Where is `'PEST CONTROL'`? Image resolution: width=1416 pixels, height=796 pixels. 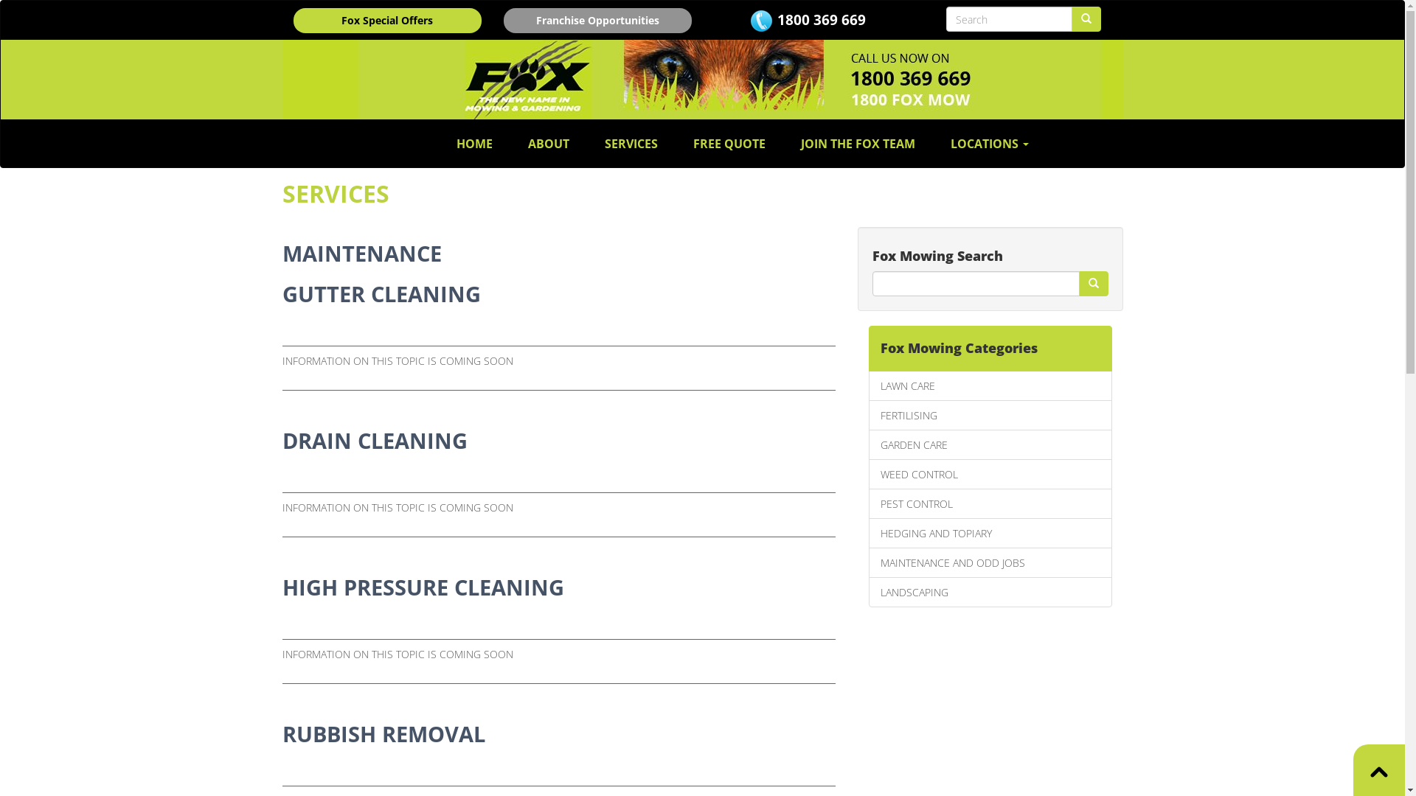 'PEST CONTROL' is located at coordinates (990, 503).